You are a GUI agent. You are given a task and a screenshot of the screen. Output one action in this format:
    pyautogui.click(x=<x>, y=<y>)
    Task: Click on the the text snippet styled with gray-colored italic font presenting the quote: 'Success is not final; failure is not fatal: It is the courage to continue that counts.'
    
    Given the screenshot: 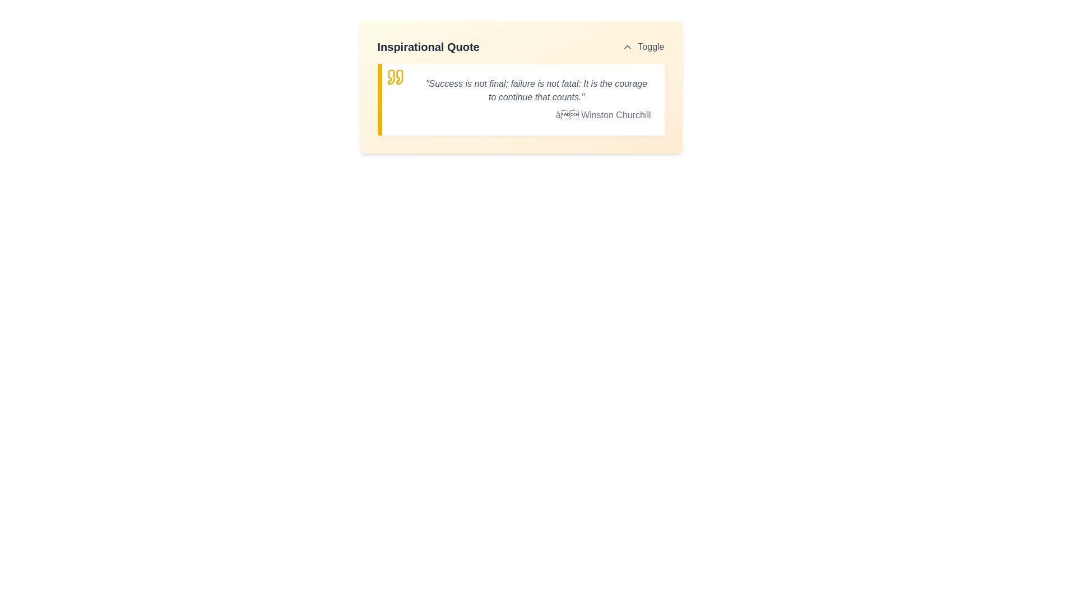 What is the action you would take?
    pyautogui.click(x=522, y=90)
    